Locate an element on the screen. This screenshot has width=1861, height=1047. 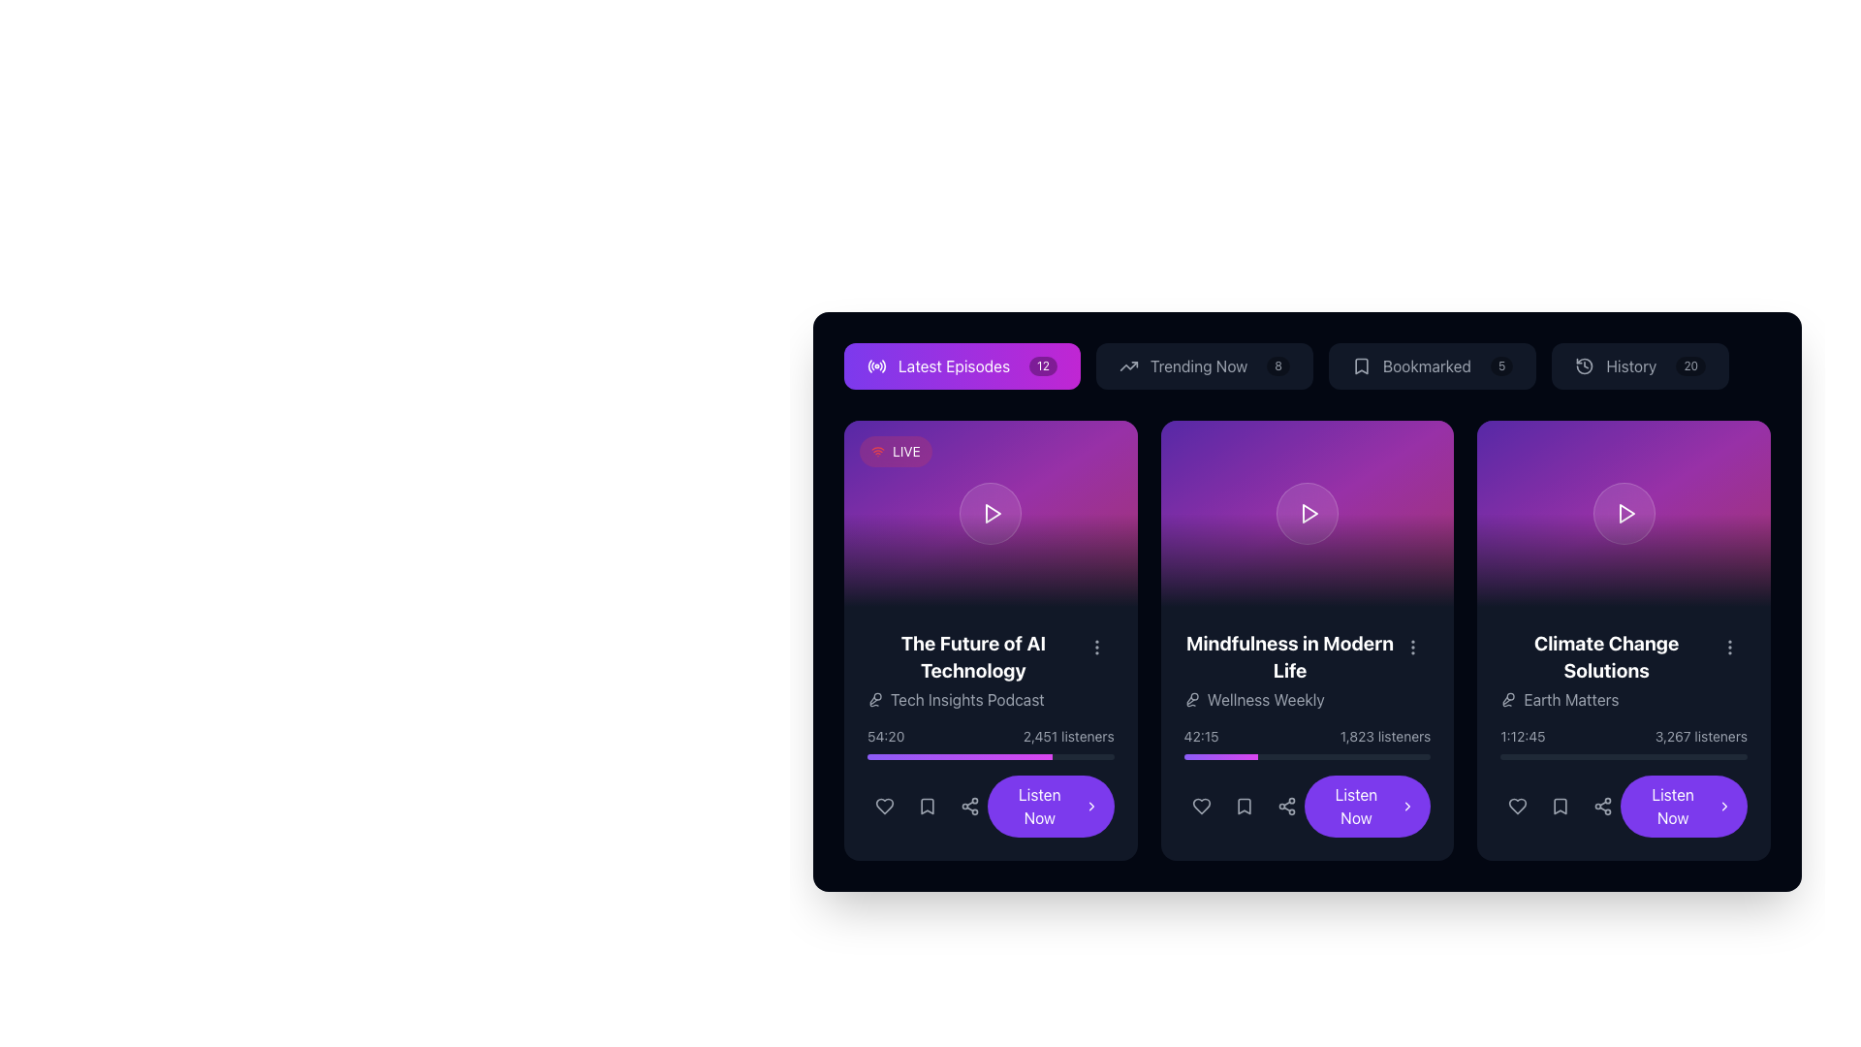
the vertically arranged ellipsis icon button consisting of three light gray dots in the top-right corner of the 'Mindfulness in Modern Life' section is located at coordinates (1413, 647).